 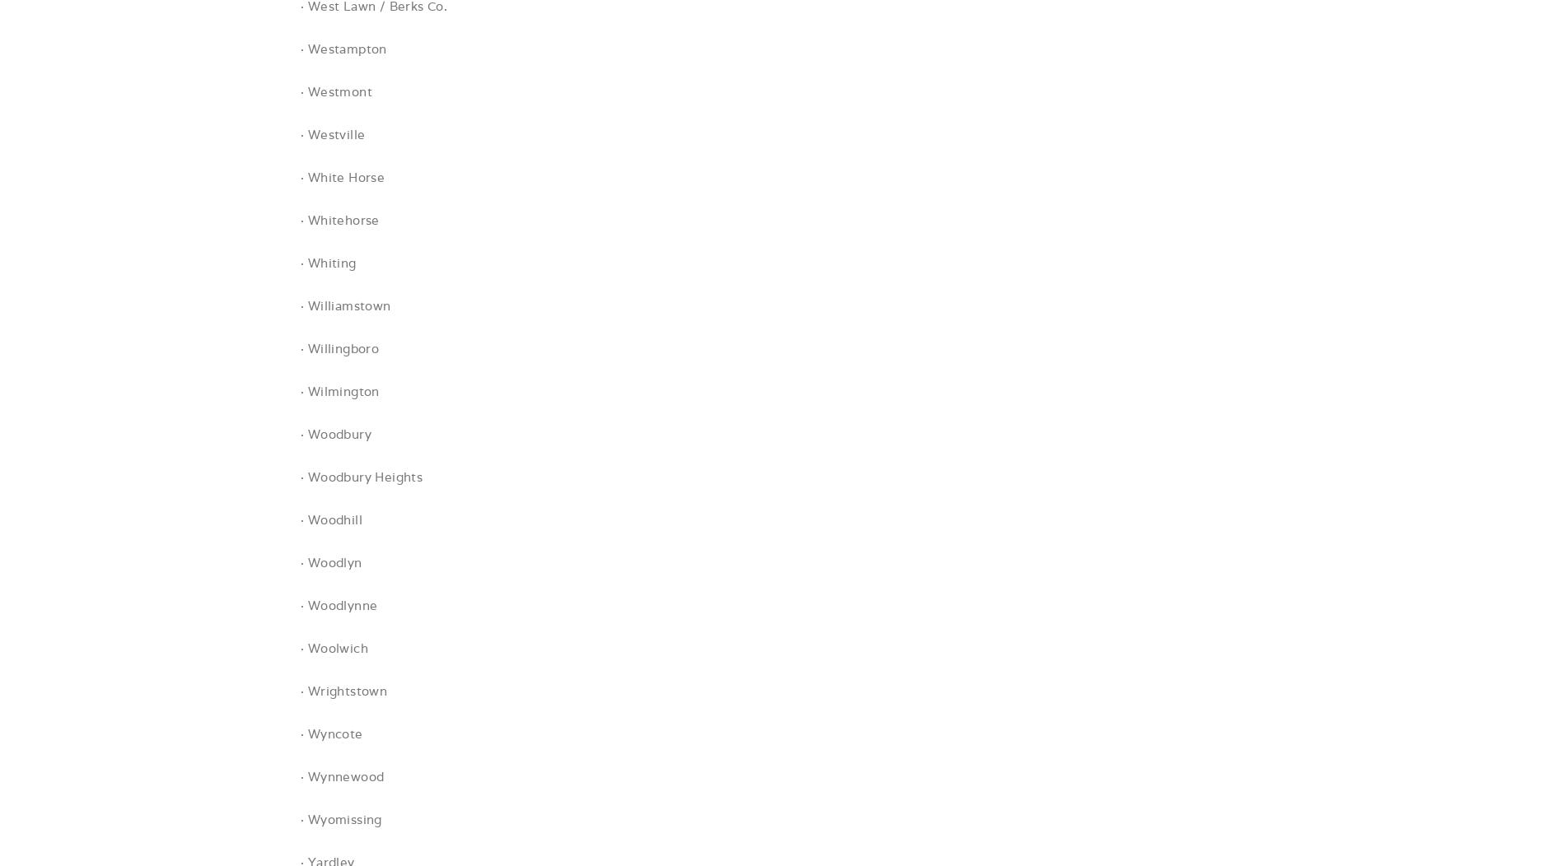 I want to click on '· Woodbury', so click(x=334, y=434).